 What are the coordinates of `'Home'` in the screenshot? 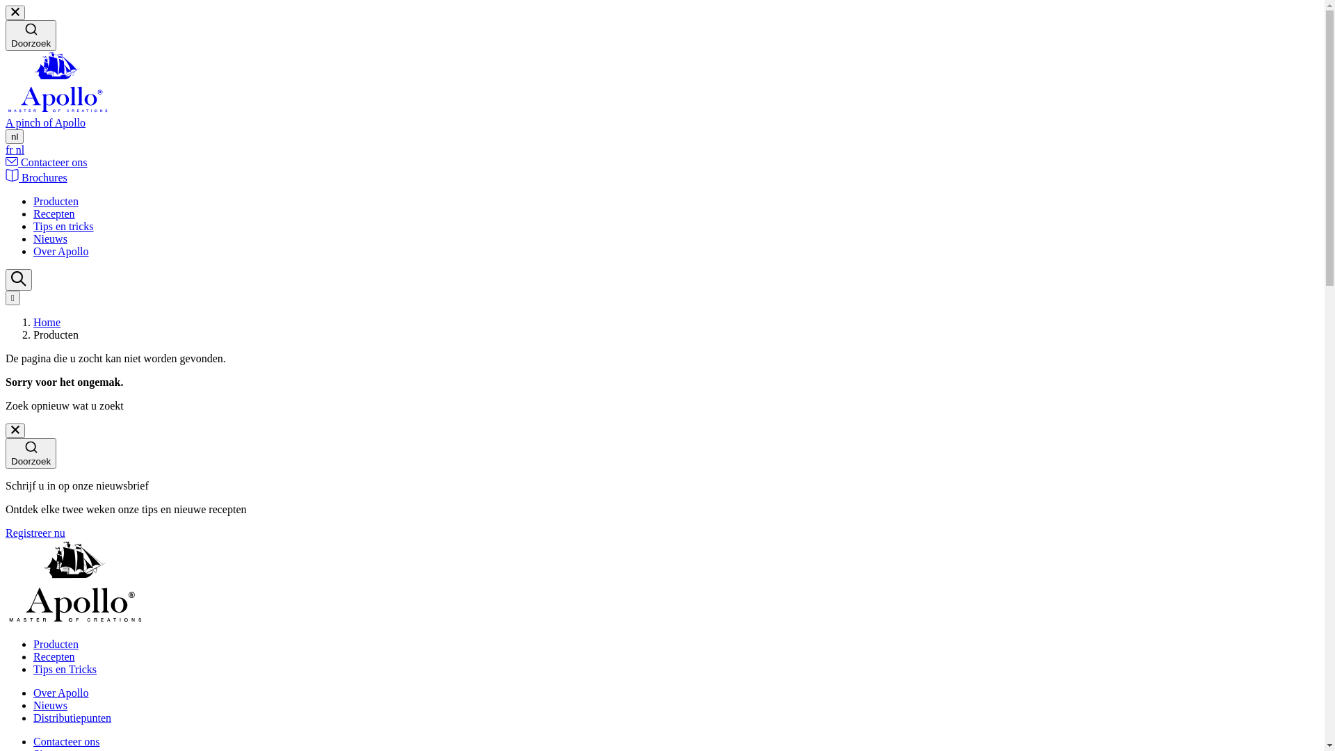 It's located at (33, 322).